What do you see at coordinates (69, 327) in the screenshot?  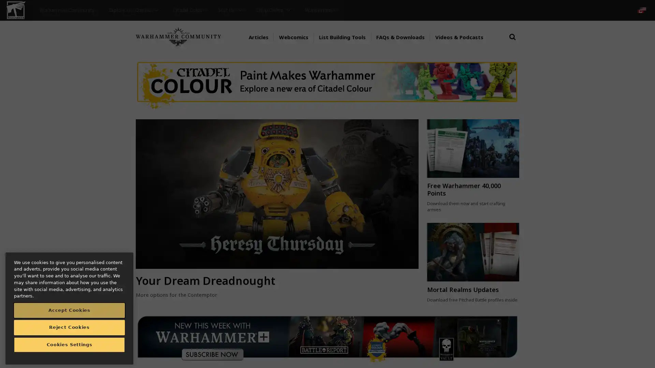 I see `Reject Cookies` at bounding box center [69, 327].